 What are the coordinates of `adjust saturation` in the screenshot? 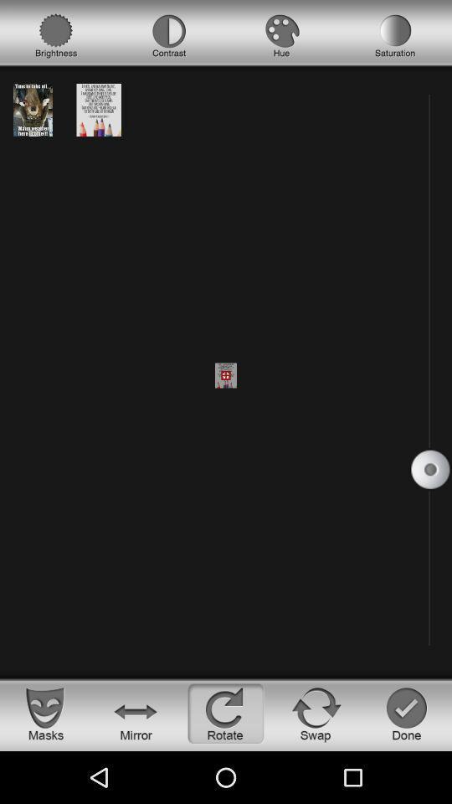 It's located at (395, 35).